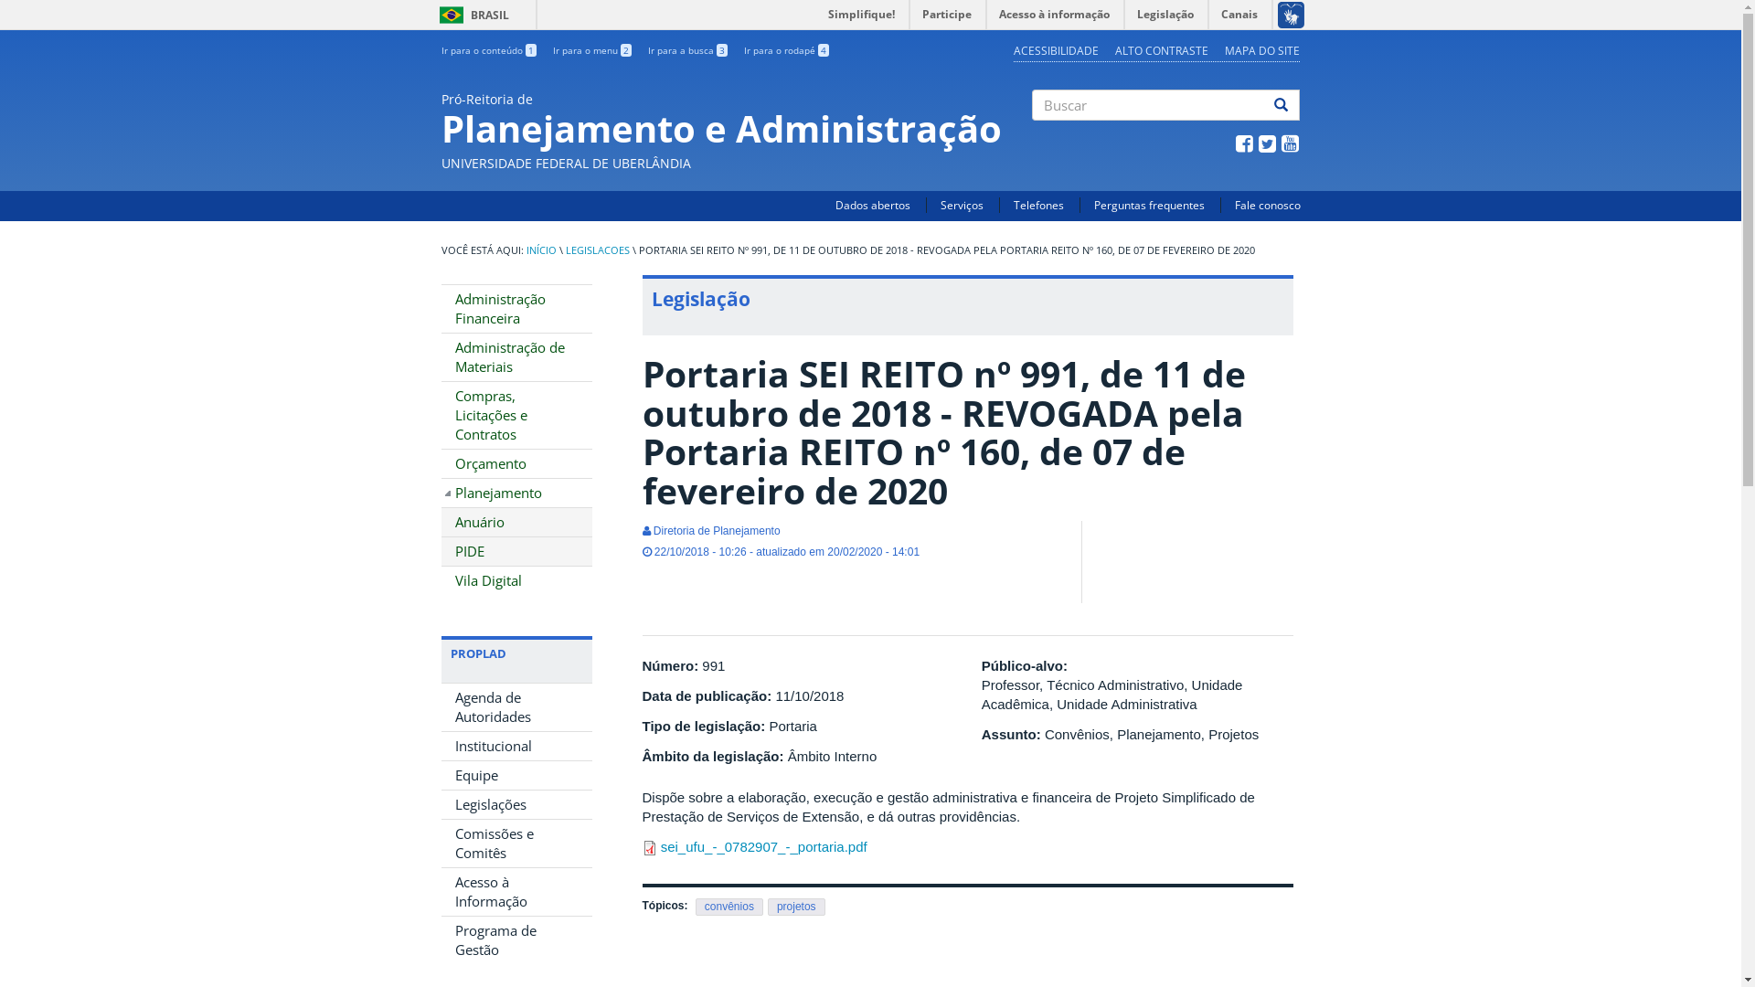 Image resolution: width=1755 pixels, height=987 pixels. Describe the element at coordinates (641, 848) in the screenshot. I see `'application/pdf'` at that location.